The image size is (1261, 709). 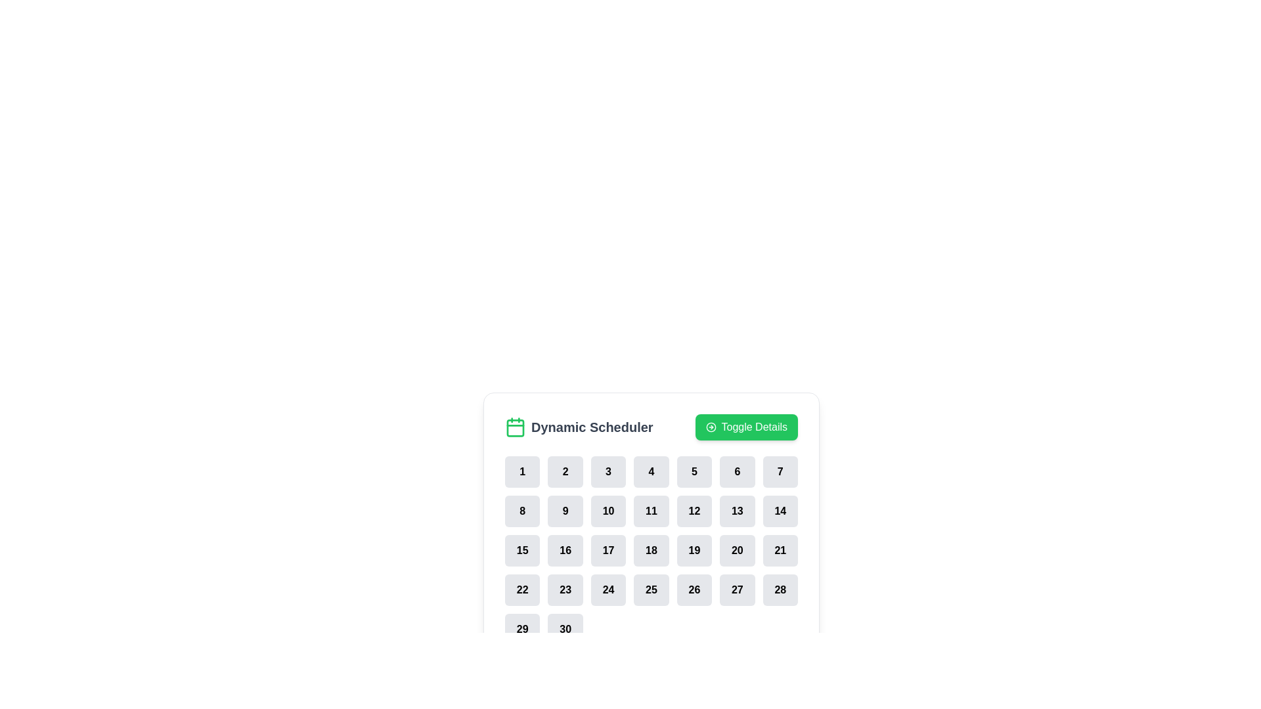 What do you see at coordinates (521, 471) in the screenshot?
I see `the rounded rectangular button with a light gray background and bold text '1'` at bounding box center [521, 471].